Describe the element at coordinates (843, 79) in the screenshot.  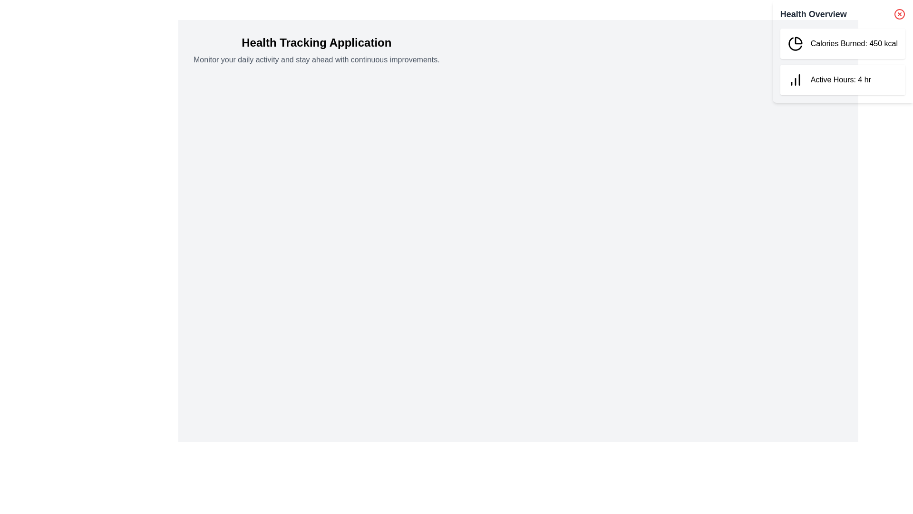
I see `information displayed in the Info card located on the right side of the Health Overview section, below the 'Calories Burned' panel, which summarizes the duration of active hours recorded` at that location.